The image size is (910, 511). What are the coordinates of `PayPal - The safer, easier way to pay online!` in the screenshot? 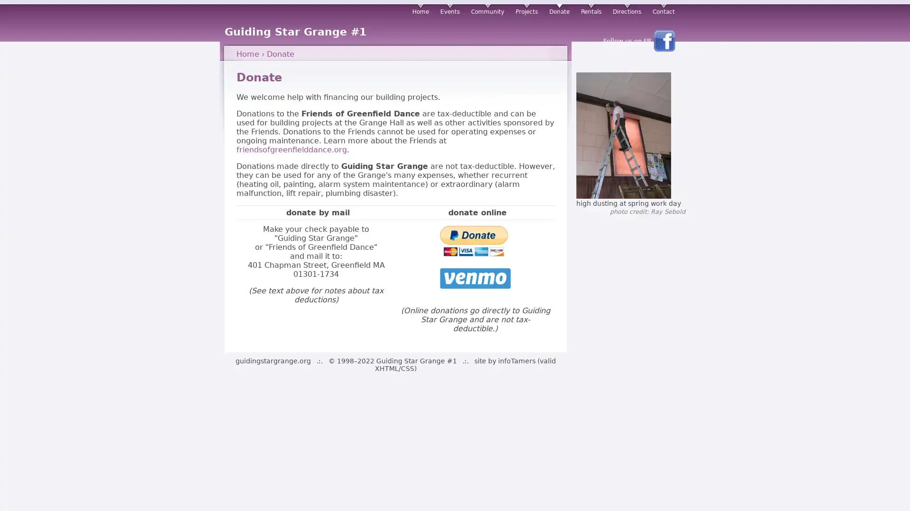 It's located at (473, 240).